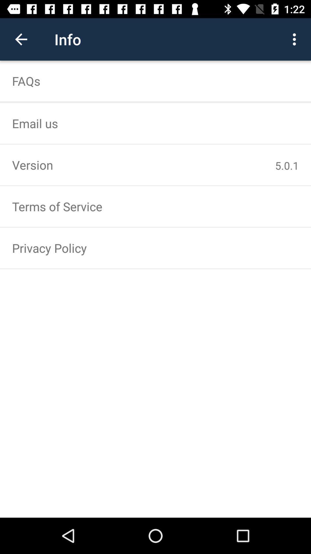 This screenshot has height=554, width=311. What do you see at coordinates (155, 206) in the screenshot?
I see `terms of service icon` at bounding box center [155, 206].